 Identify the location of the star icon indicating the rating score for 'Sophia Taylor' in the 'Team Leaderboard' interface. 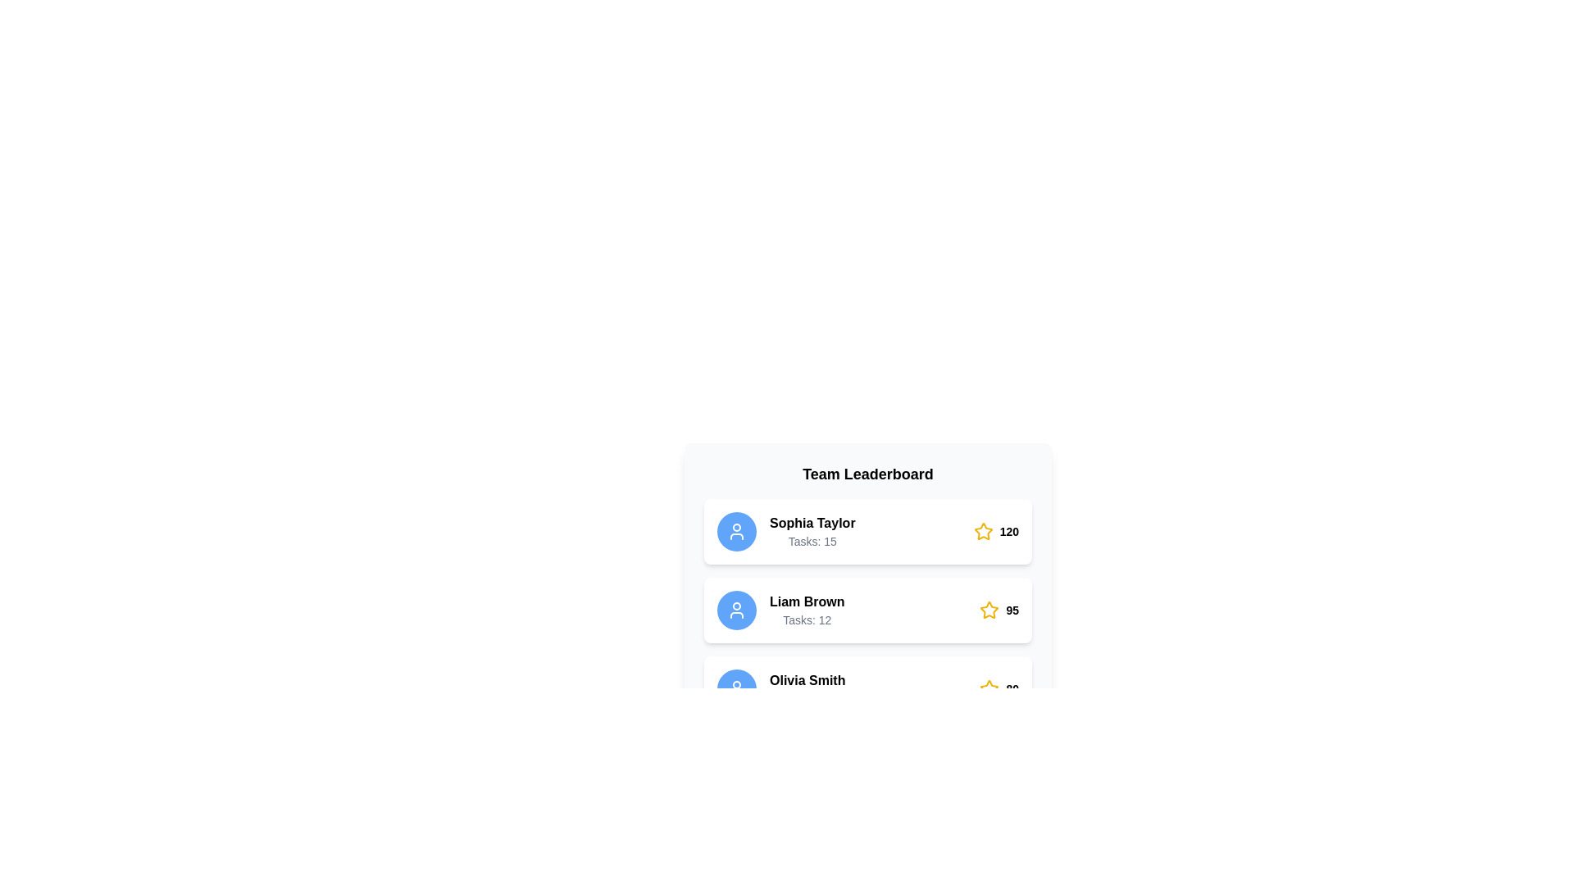
(983, 531).